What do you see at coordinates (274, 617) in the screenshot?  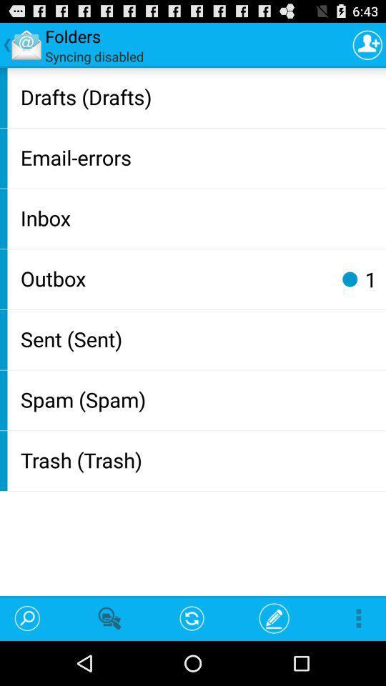 I see `app below the trash (trash)` at bounding box center [274, 617].